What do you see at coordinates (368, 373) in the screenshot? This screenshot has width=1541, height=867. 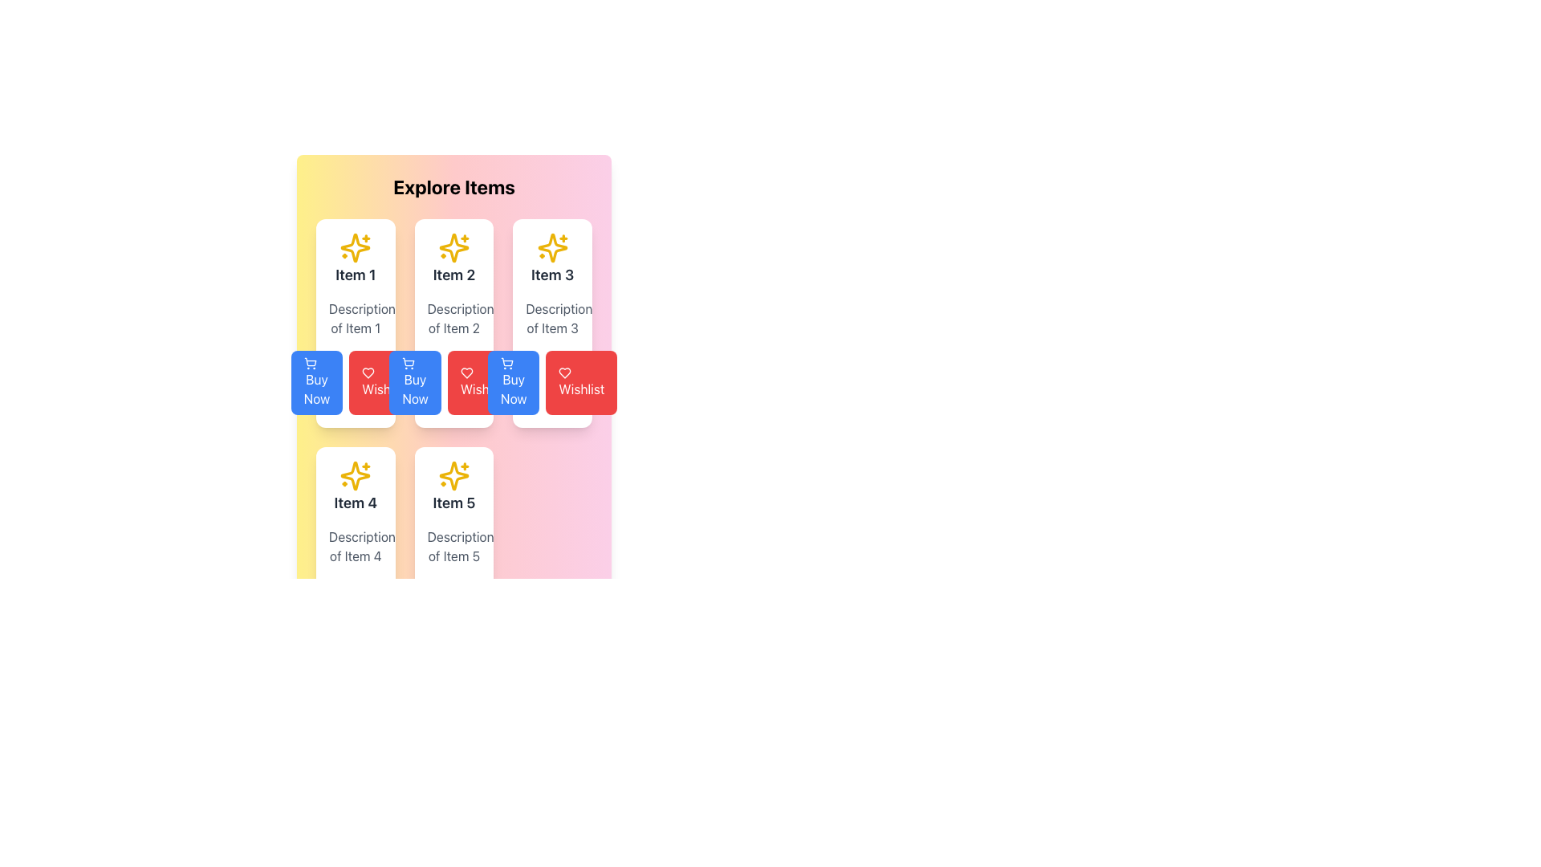 I see `the heart icon representing the 'Wishlist' functionality` at bounding box center [368, 373].